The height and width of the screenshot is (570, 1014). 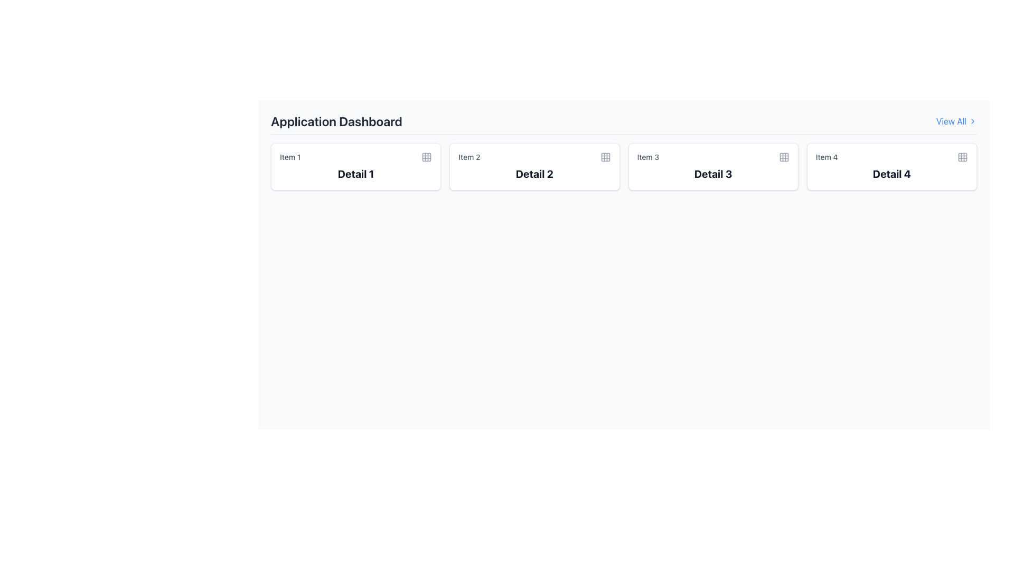 What do you see at coordinates (972, 121) in the screenshot?
I see `the small rightward-pointing chevron icon located on the far-right side of the 'View All' link text` at bounding box center [972, 121].